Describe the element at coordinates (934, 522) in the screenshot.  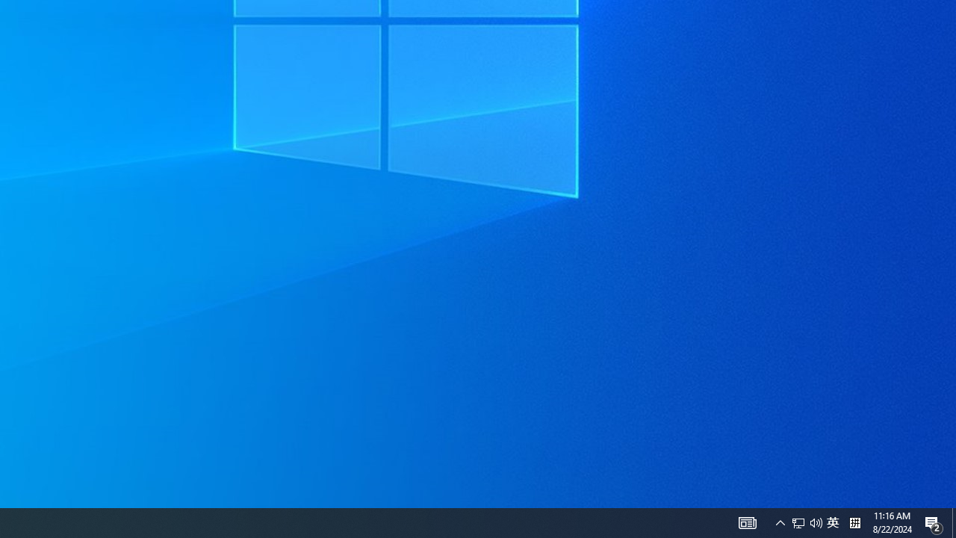
I see `'Show desktop'` at that location.